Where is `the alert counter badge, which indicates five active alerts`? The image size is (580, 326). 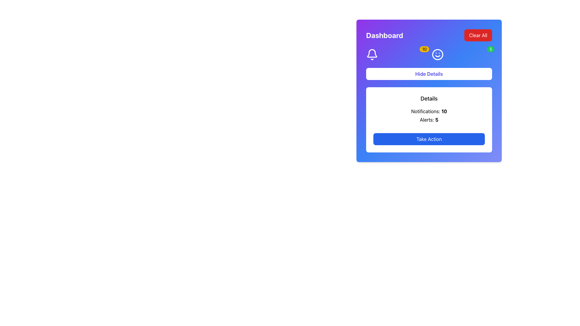 the alert counter badge, which indicates five active alerts is located at coordinates (461, 55).